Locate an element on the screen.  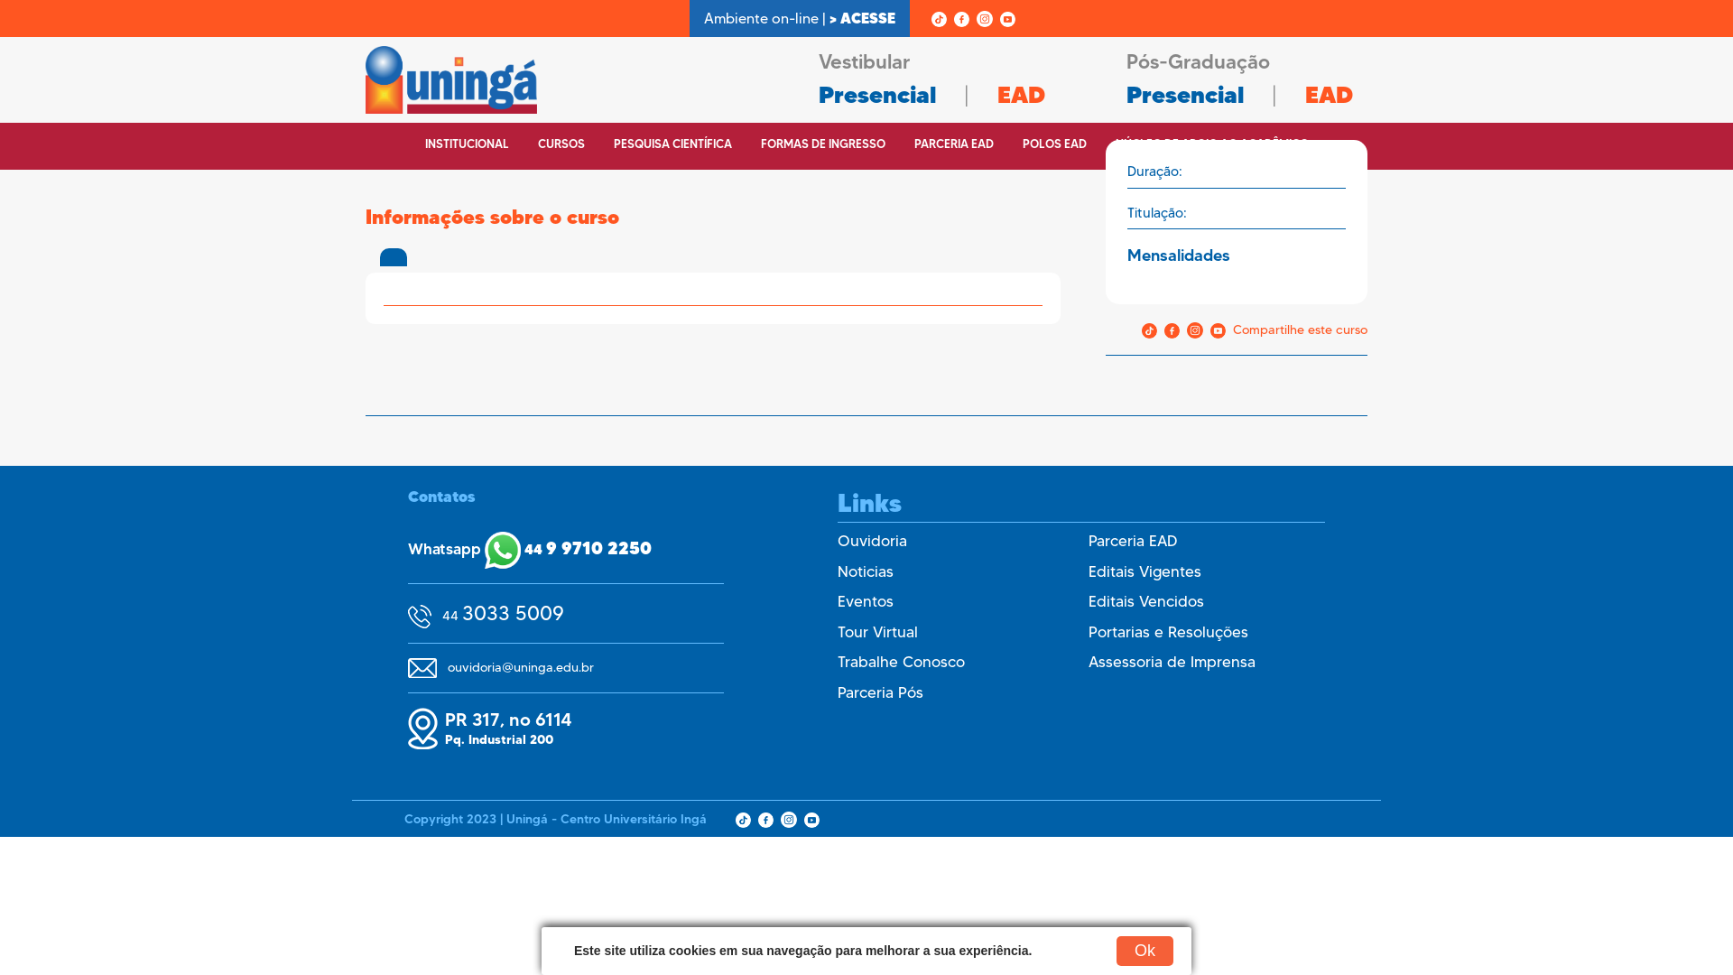
'EAD' is located at coordinates (1329, 94).